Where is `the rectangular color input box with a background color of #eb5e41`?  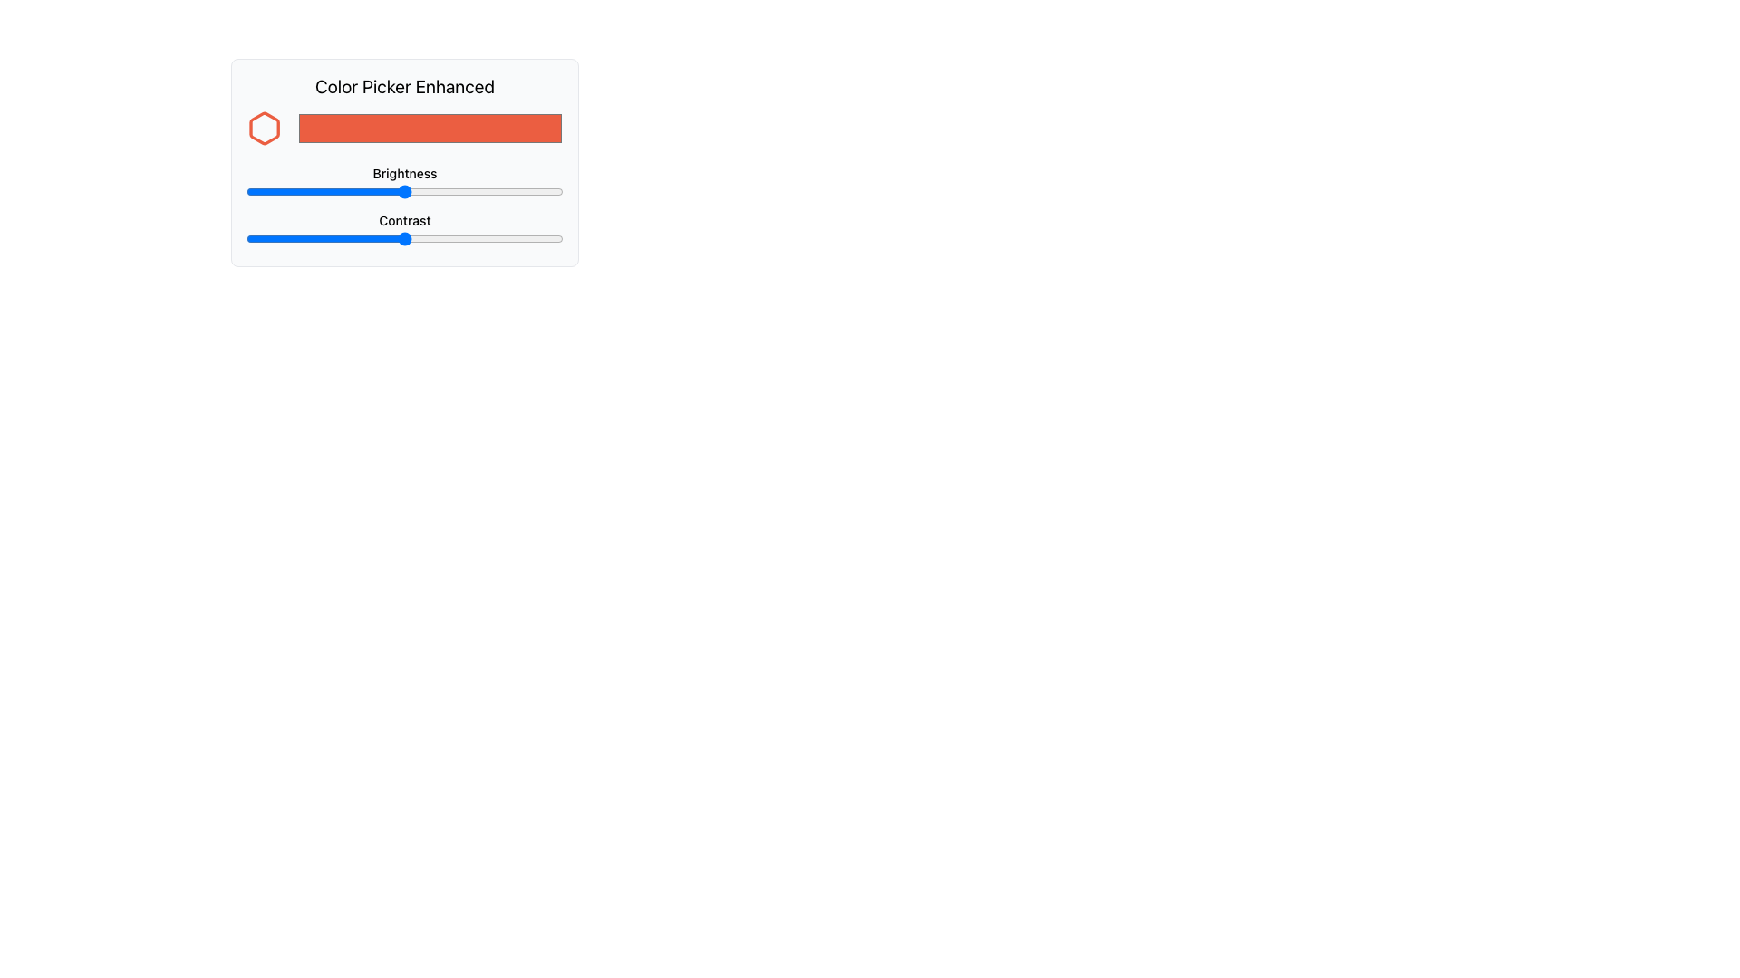 the rectangular color input box with a background color of #eb5e41 is located at coordinates (430, 128).